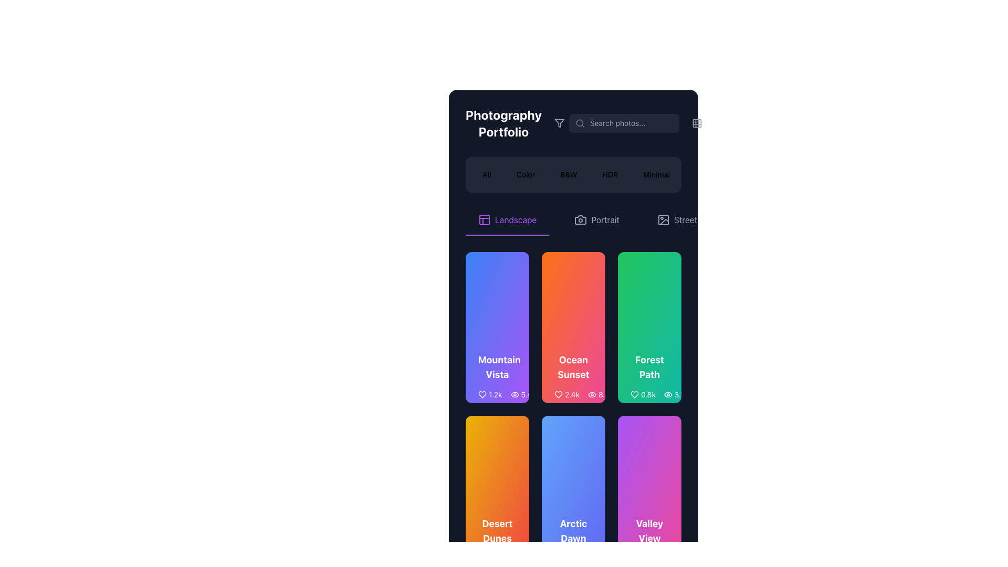  Describe the element at coordinates (544, 395) in the screenshot. I see `the share icon located within the button area adjacent to the heart icon and the view count icon on the 'Ocean Sunset' item card to initiate a sharing dialog or copy a link` at that location.